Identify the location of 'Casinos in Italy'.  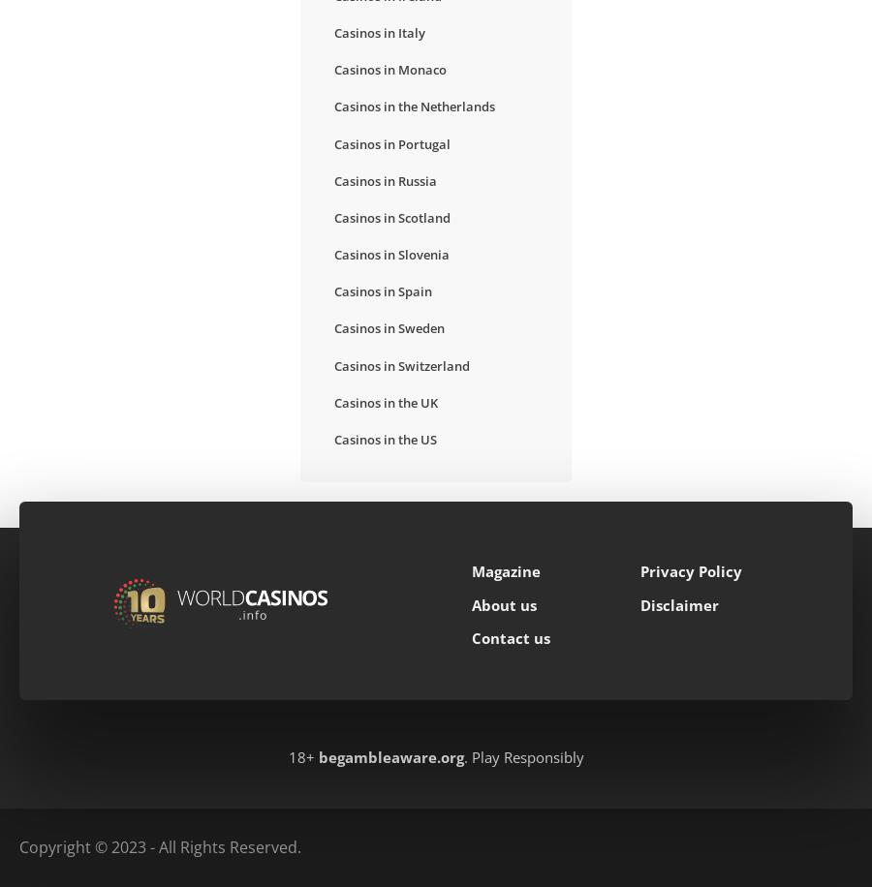
(380, 31).